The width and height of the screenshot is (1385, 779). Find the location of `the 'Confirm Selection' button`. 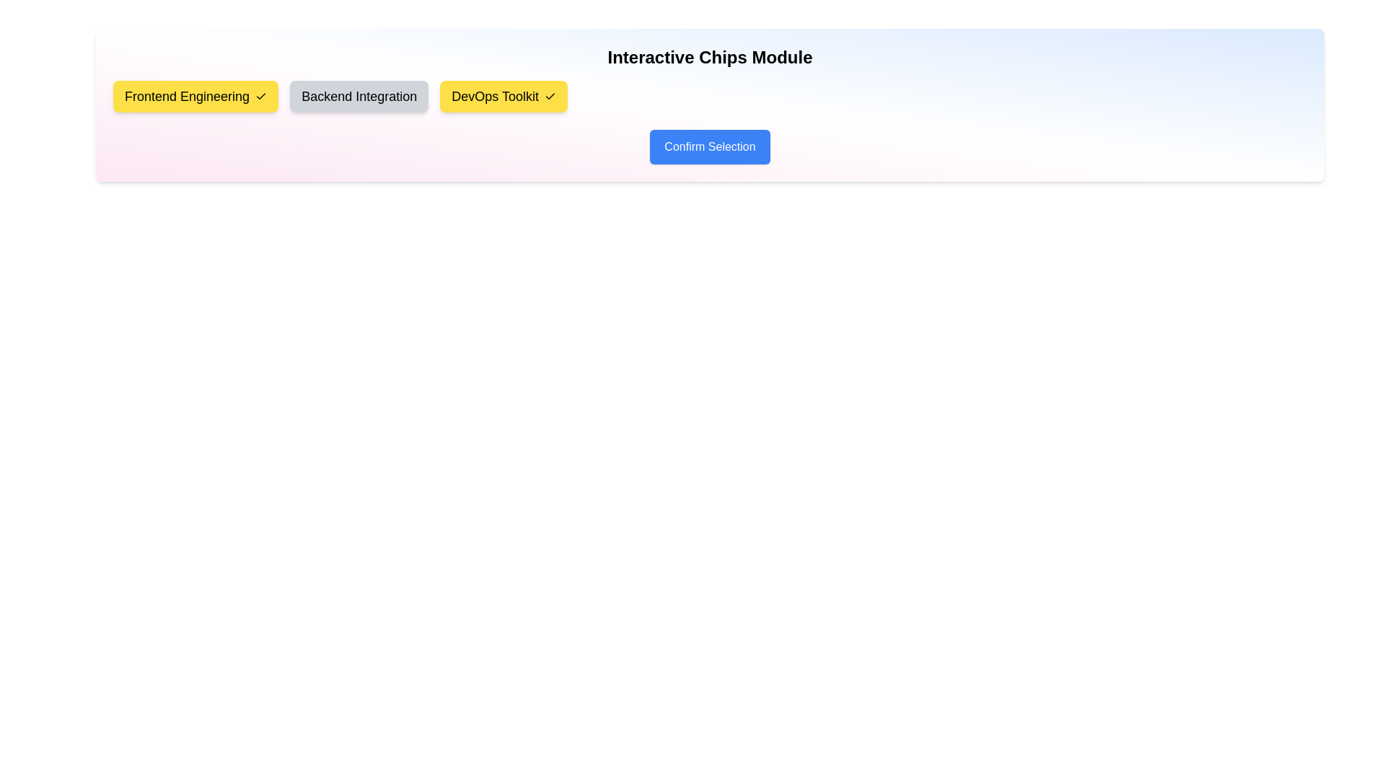

the 'Confirm Selection' button is located at coordinates (710, 147).